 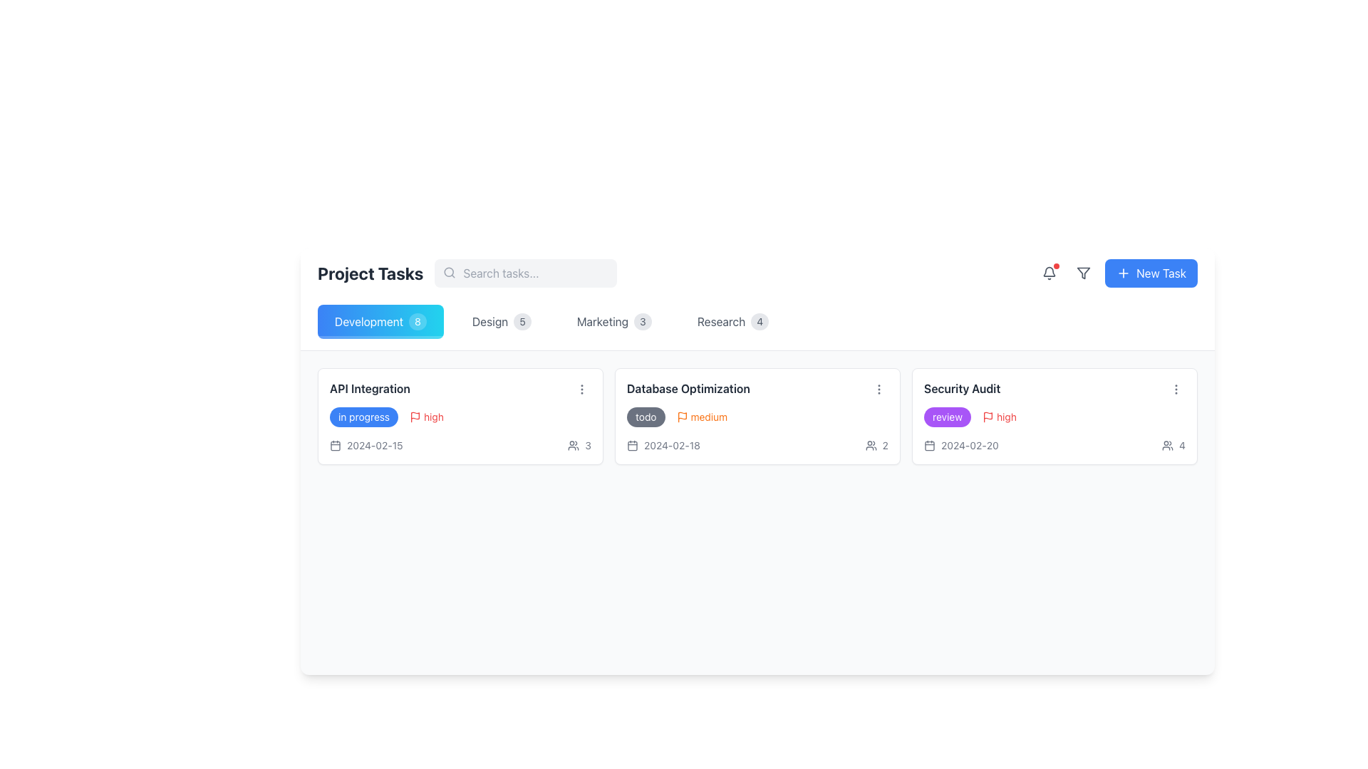 What do you see at coordinates (988, 417) in the screenshot?
I see `the small red flag icon located to the left of the 'high' text label within the 'Security Audit' entry in the task list` at bounding box center [988, 417].